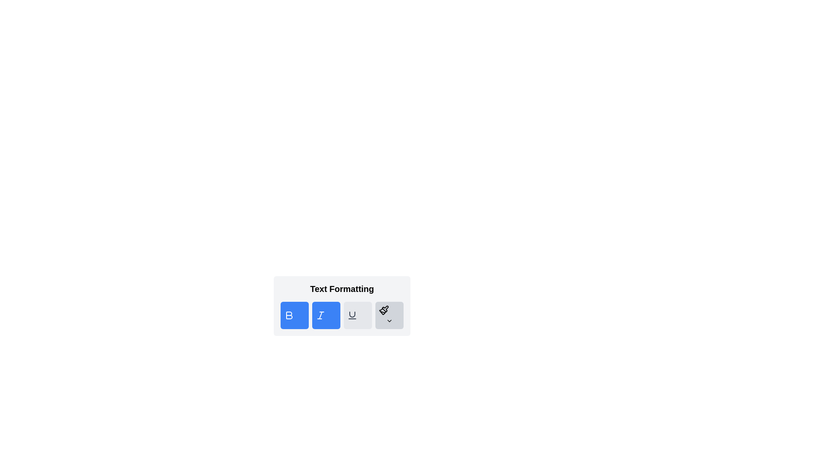 The image size is (820, 461). I want to click on the curved vector graphic resembling the lower part of a 'U' shape within the third button from the left in the text formatting toolbar, located below the 'Text Formatting' label, so click(352, 314).